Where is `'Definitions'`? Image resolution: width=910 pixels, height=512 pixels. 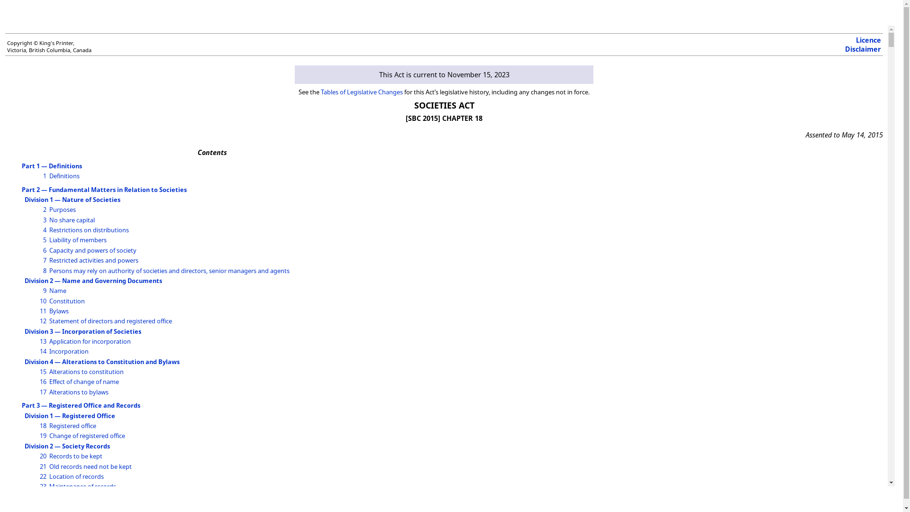
'Definitions' is located at coordinates (64, 175).